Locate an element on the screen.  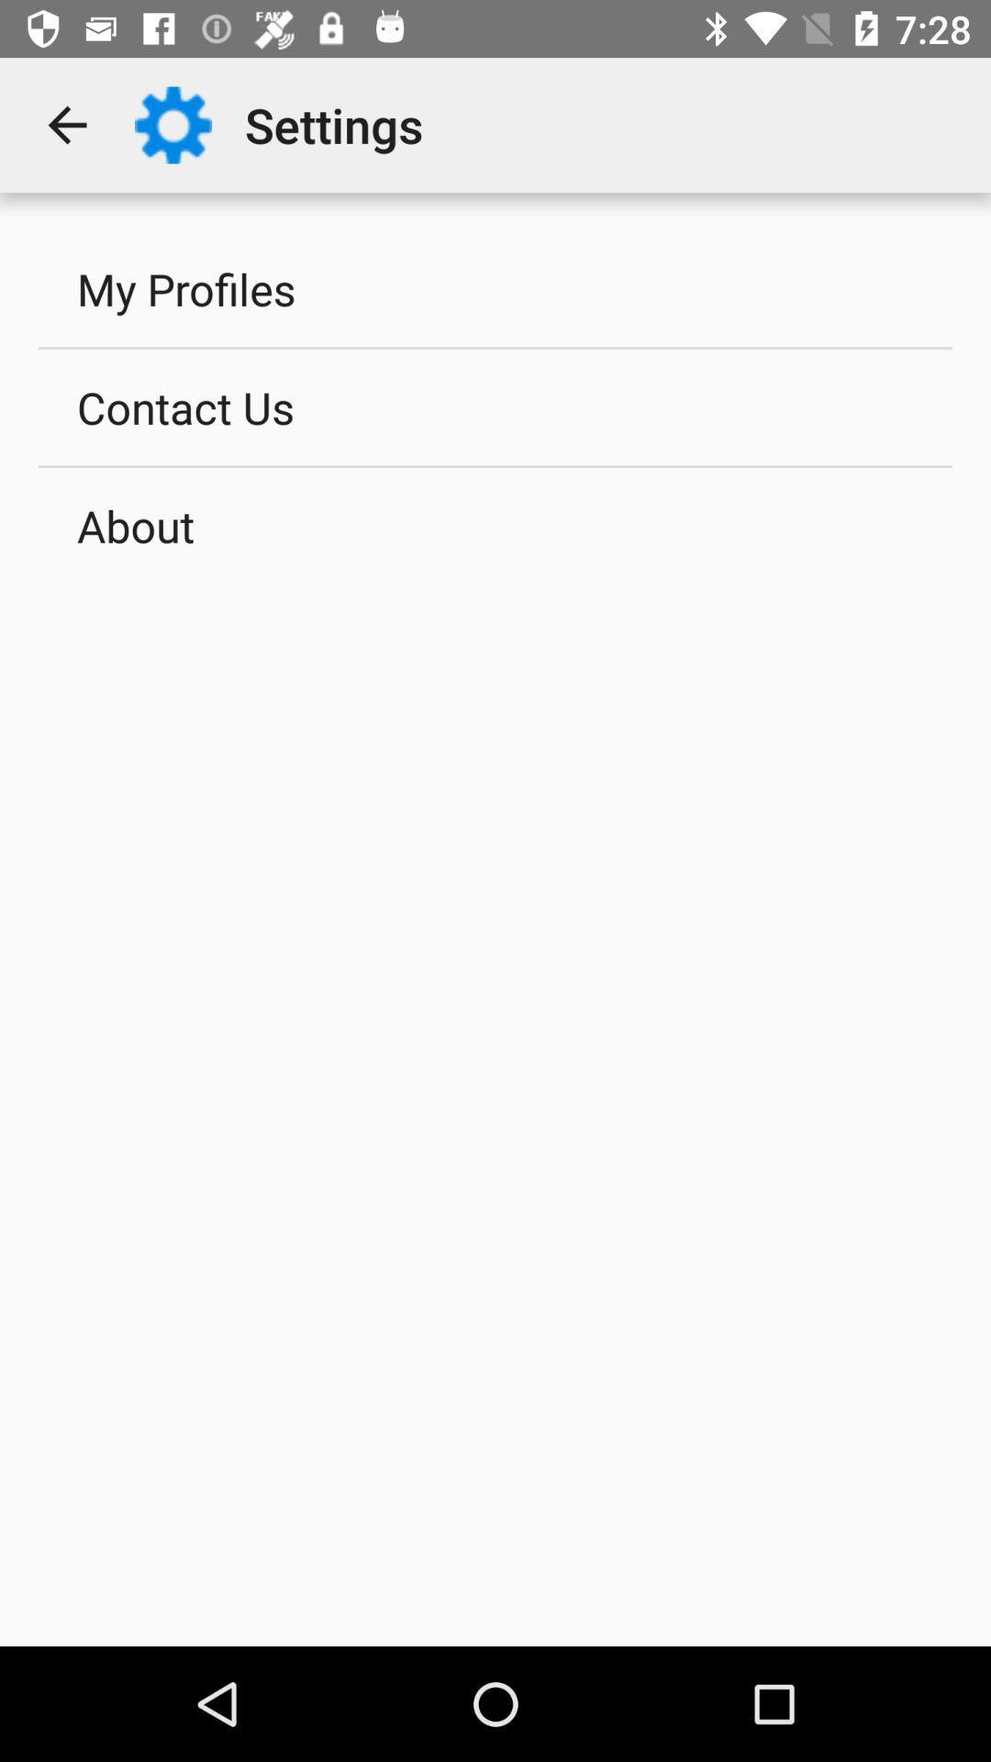
icon above the contact us item is located at coordinates (495, 288).